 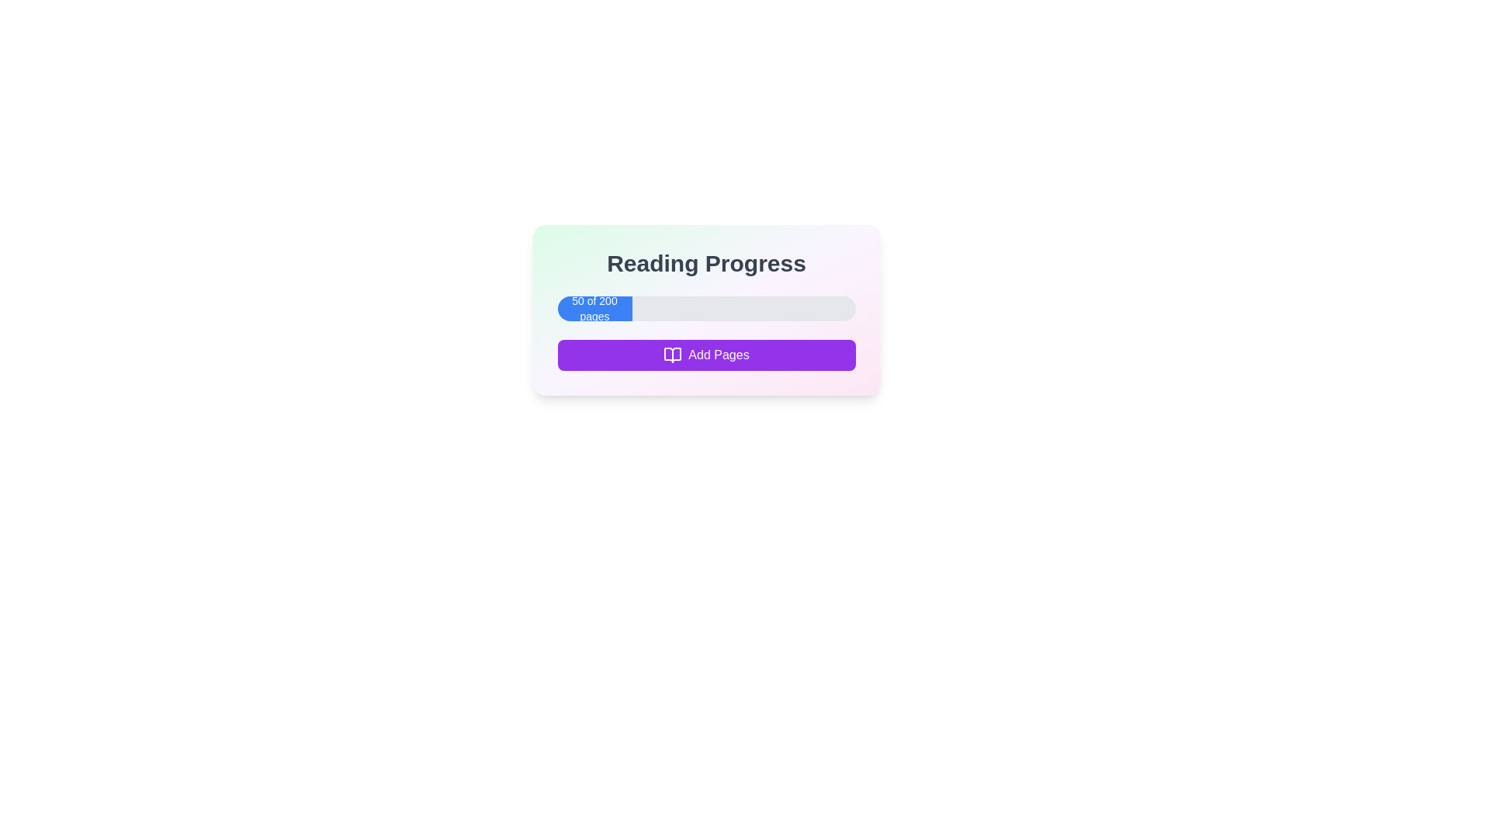 I want to click on the open book icon with a purple outline that is part of the 'Add Pages' button located beneath the progress bar in the 'Reading Progress' card, so click(x=673, y=355).